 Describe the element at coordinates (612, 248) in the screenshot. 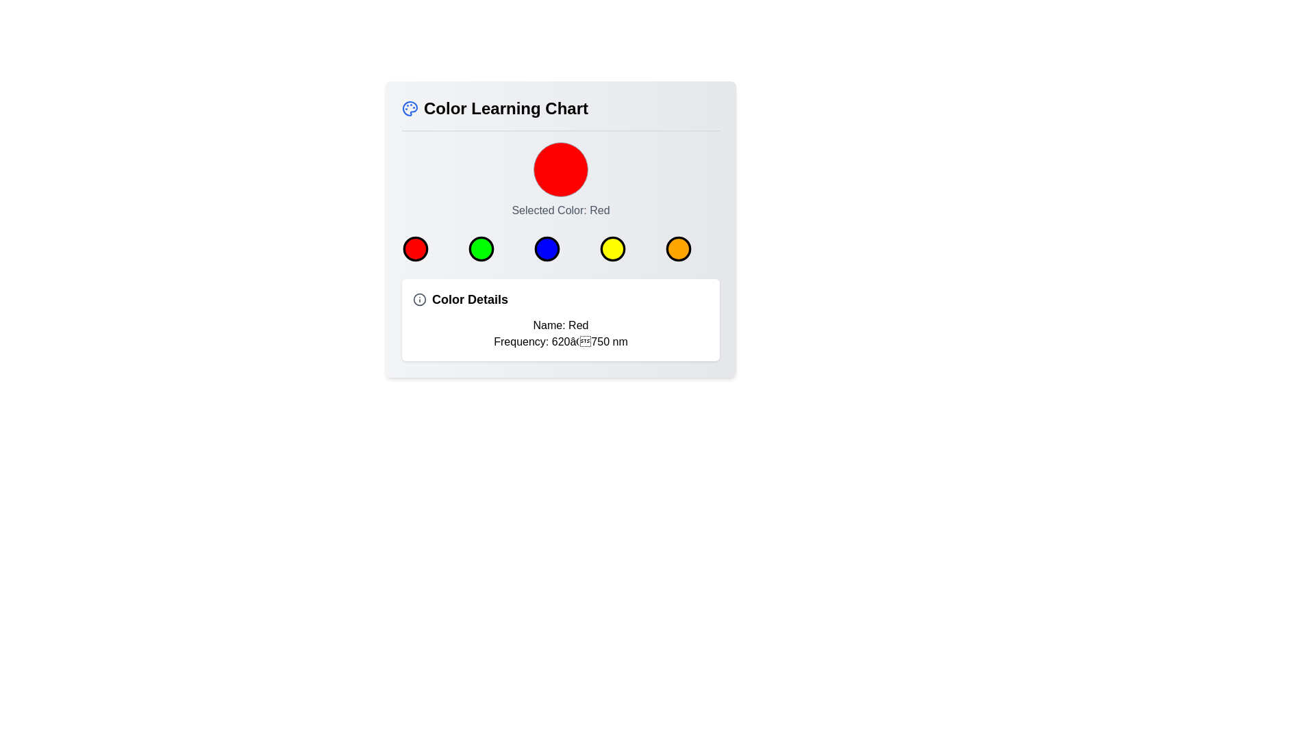

I see `the fourth circle in the linear sequence of five colored circles, which serves as the Circular color selector` at that location.